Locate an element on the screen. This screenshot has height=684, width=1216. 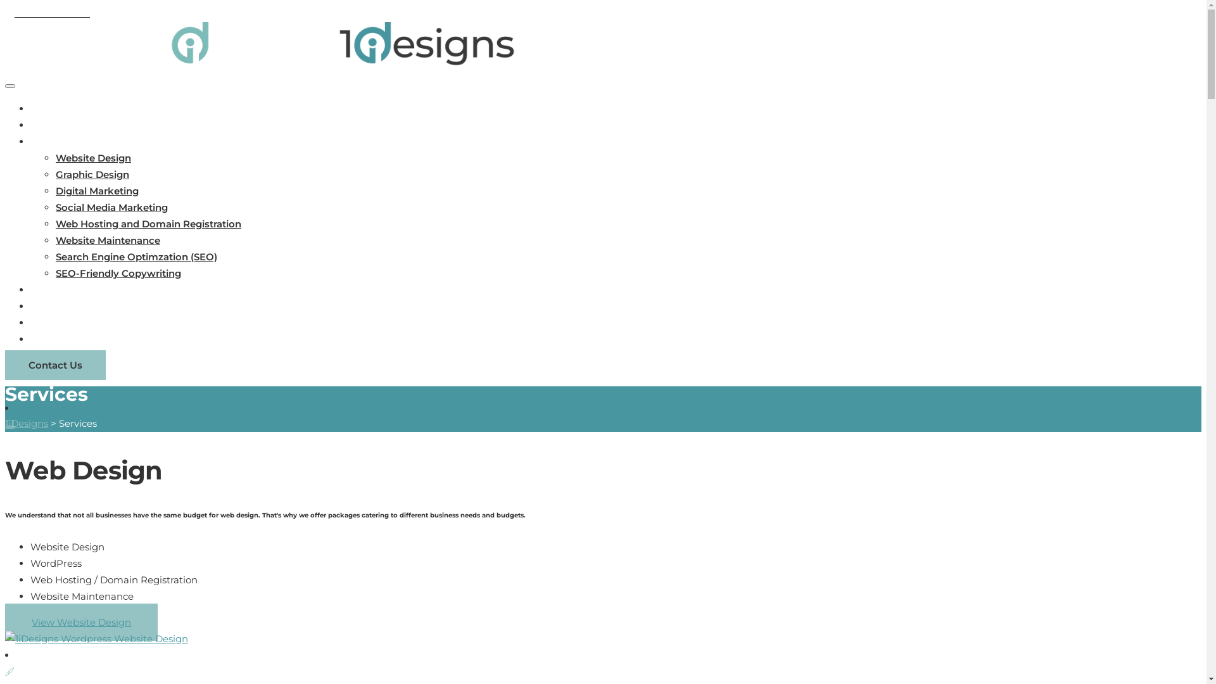
'About Us' is located at coordinates (52, 125).